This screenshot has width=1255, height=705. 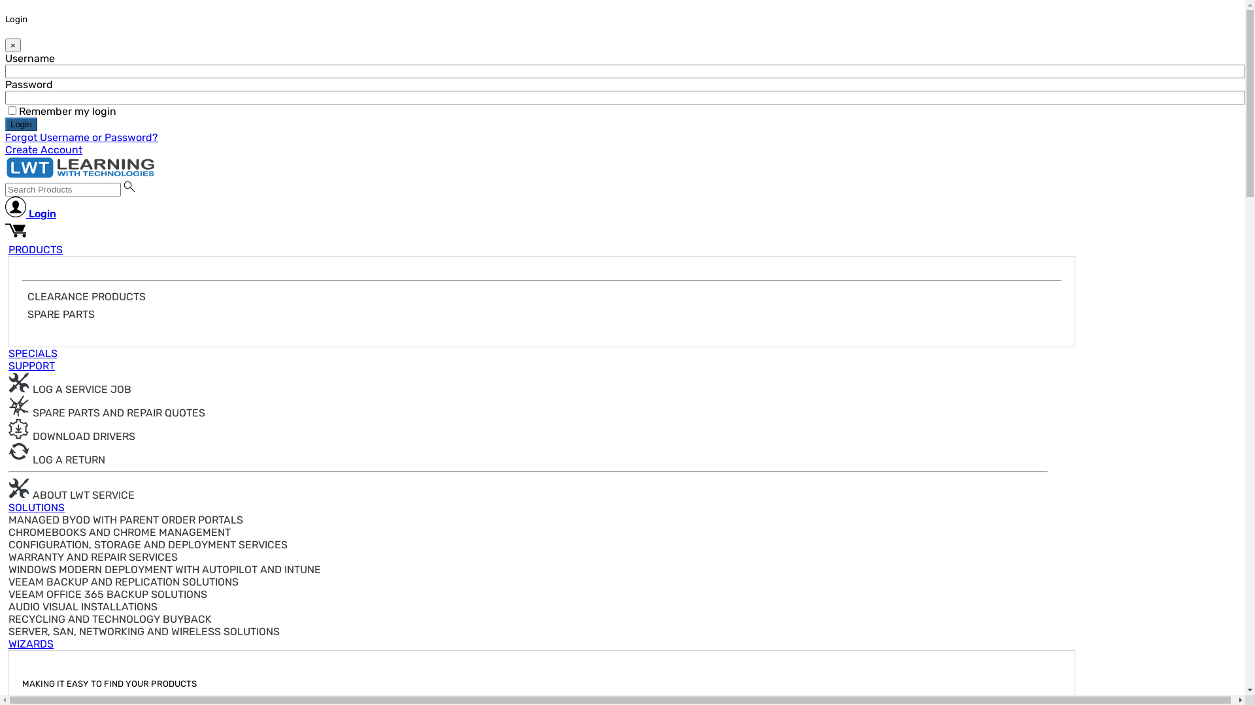 What do you see at coordinates (37, 507) in the screenshot?
I see `'SOLUTIONS'` at bounding box center [37, 507].